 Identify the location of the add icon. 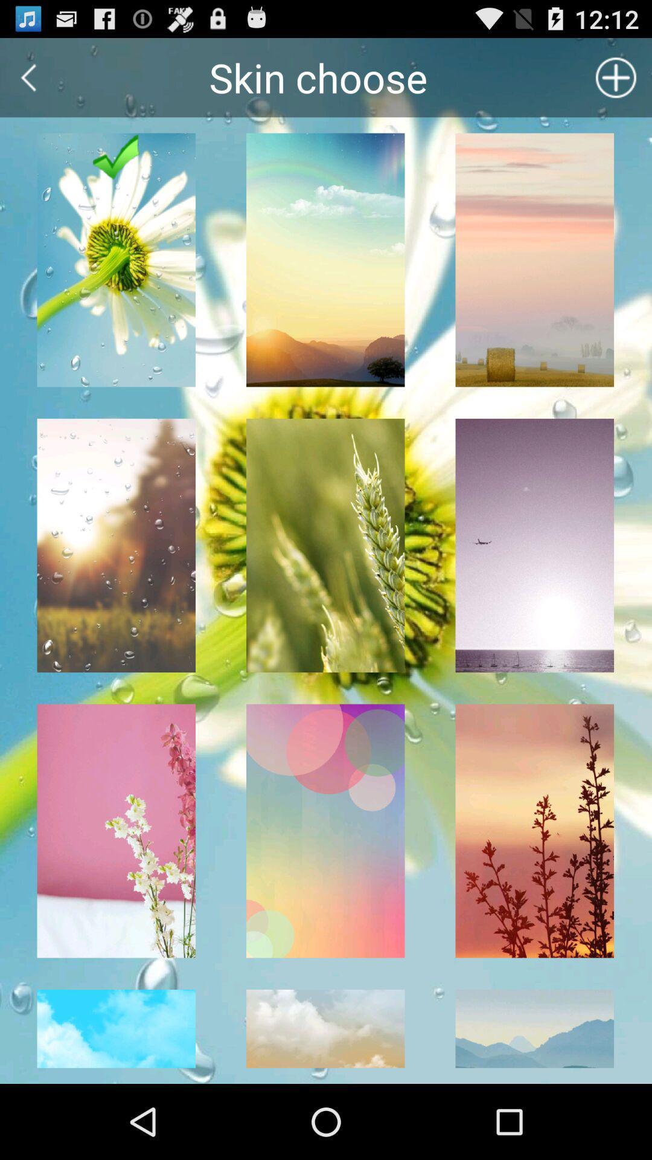
(616, 77).